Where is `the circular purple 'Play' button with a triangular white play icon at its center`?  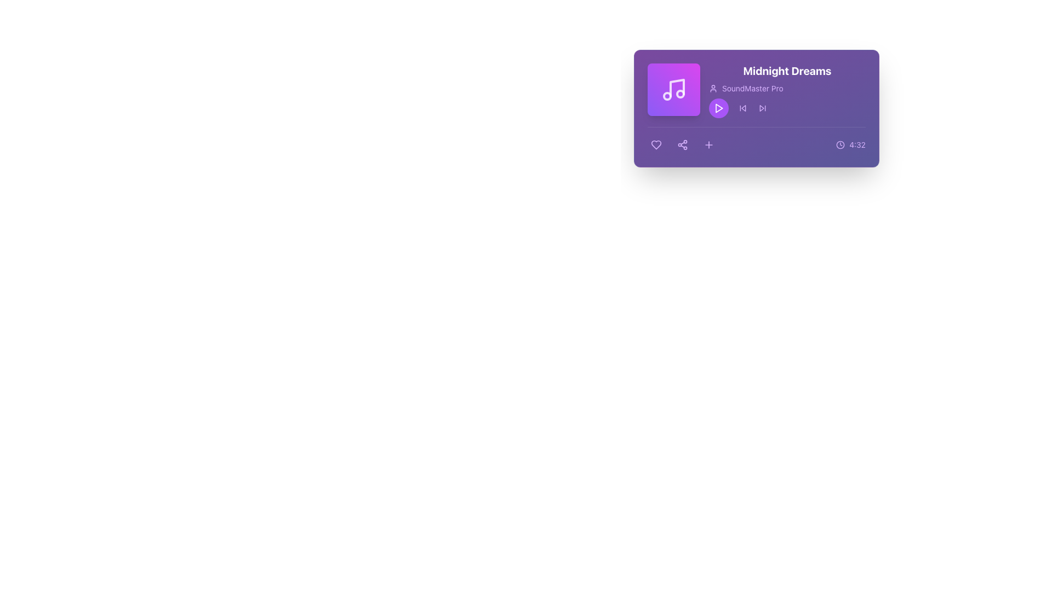
the circular purple 'Play' button with a triangular white play icon at its center is located at coordinates (718, 108).